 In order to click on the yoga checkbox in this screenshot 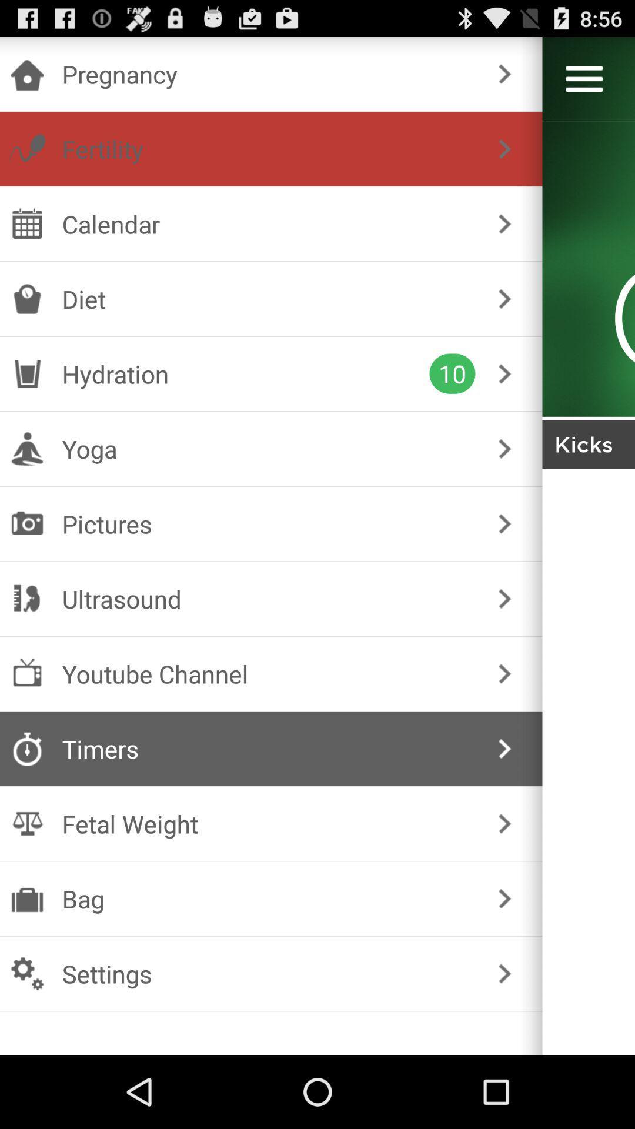, I will do `click(269, 448)`.